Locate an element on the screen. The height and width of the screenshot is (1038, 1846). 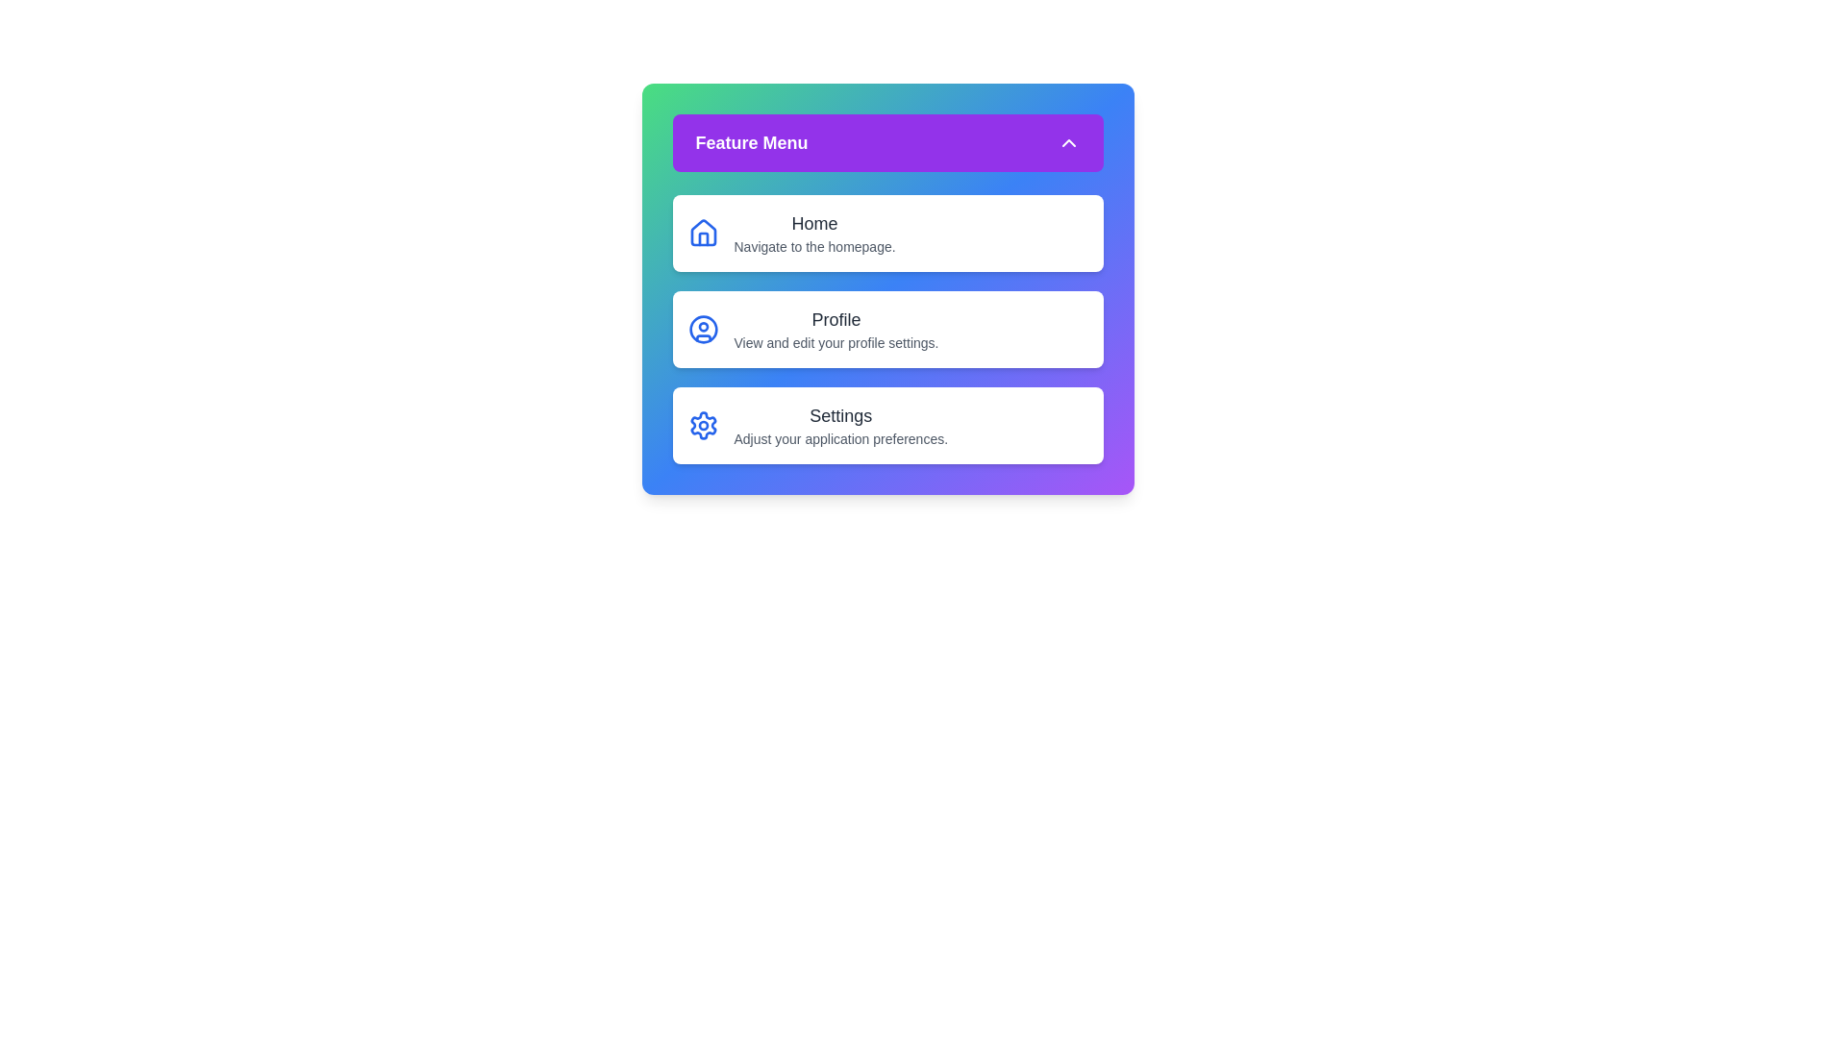
the menu item corresponding to Home is located at coordinates (886, 233).